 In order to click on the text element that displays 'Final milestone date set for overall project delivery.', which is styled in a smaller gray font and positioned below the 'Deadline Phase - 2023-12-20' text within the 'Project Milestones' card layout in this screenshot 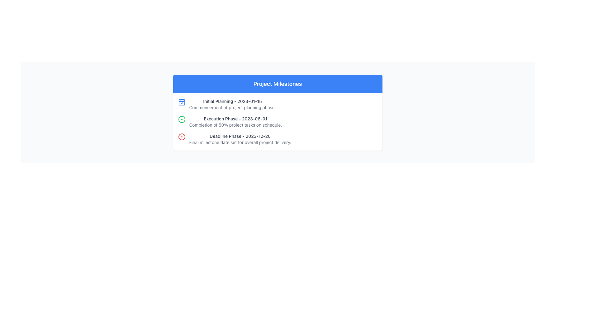, I will do `click(240, 142)`.